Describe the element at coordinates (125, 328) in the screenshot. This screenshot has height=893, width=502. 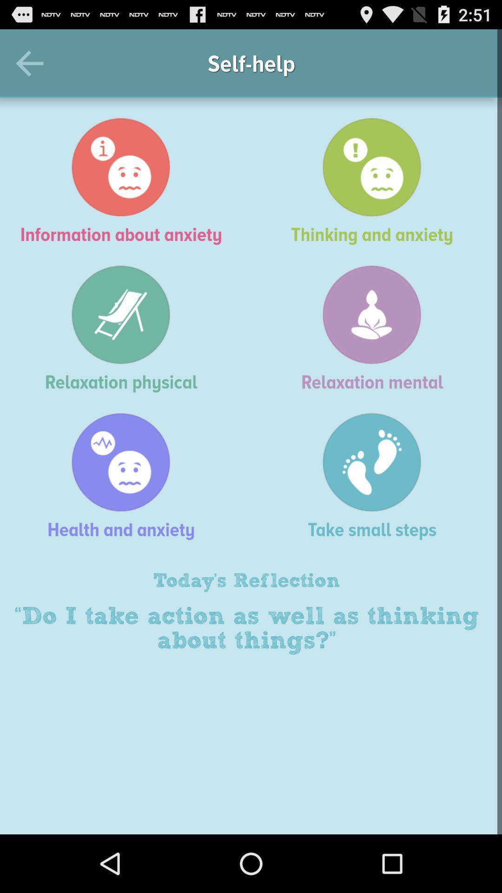
I see `icon to the left of the relaxation mental icon` at that location.